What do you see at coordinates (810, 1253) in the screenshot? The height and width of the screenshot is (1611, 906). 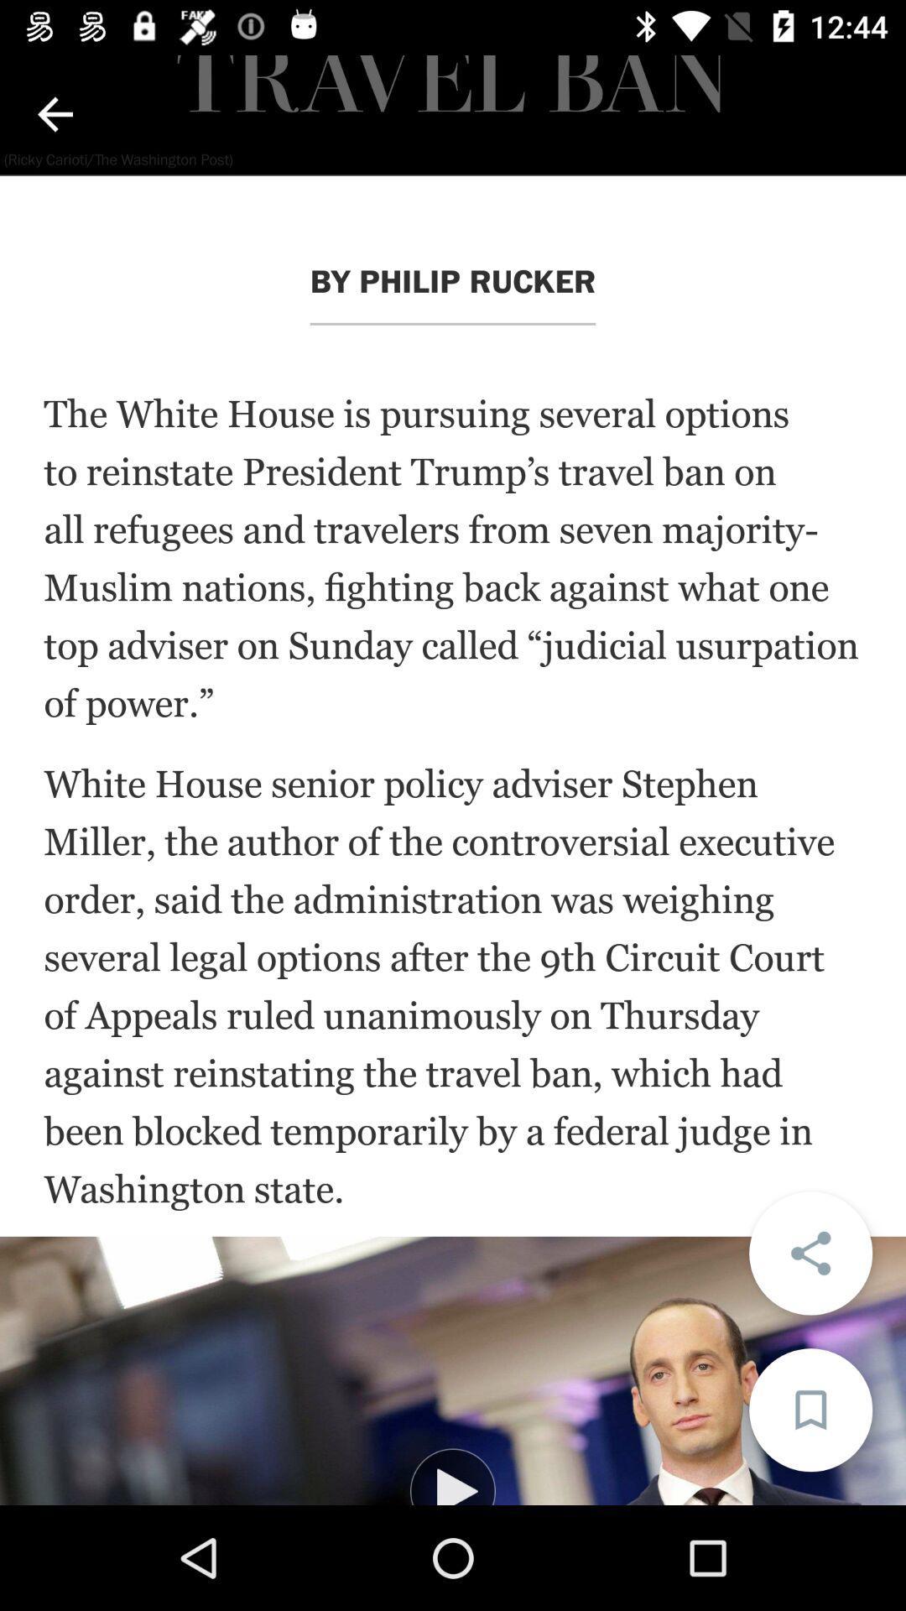 I see `the share icon` at bounding box center [810, 1253].